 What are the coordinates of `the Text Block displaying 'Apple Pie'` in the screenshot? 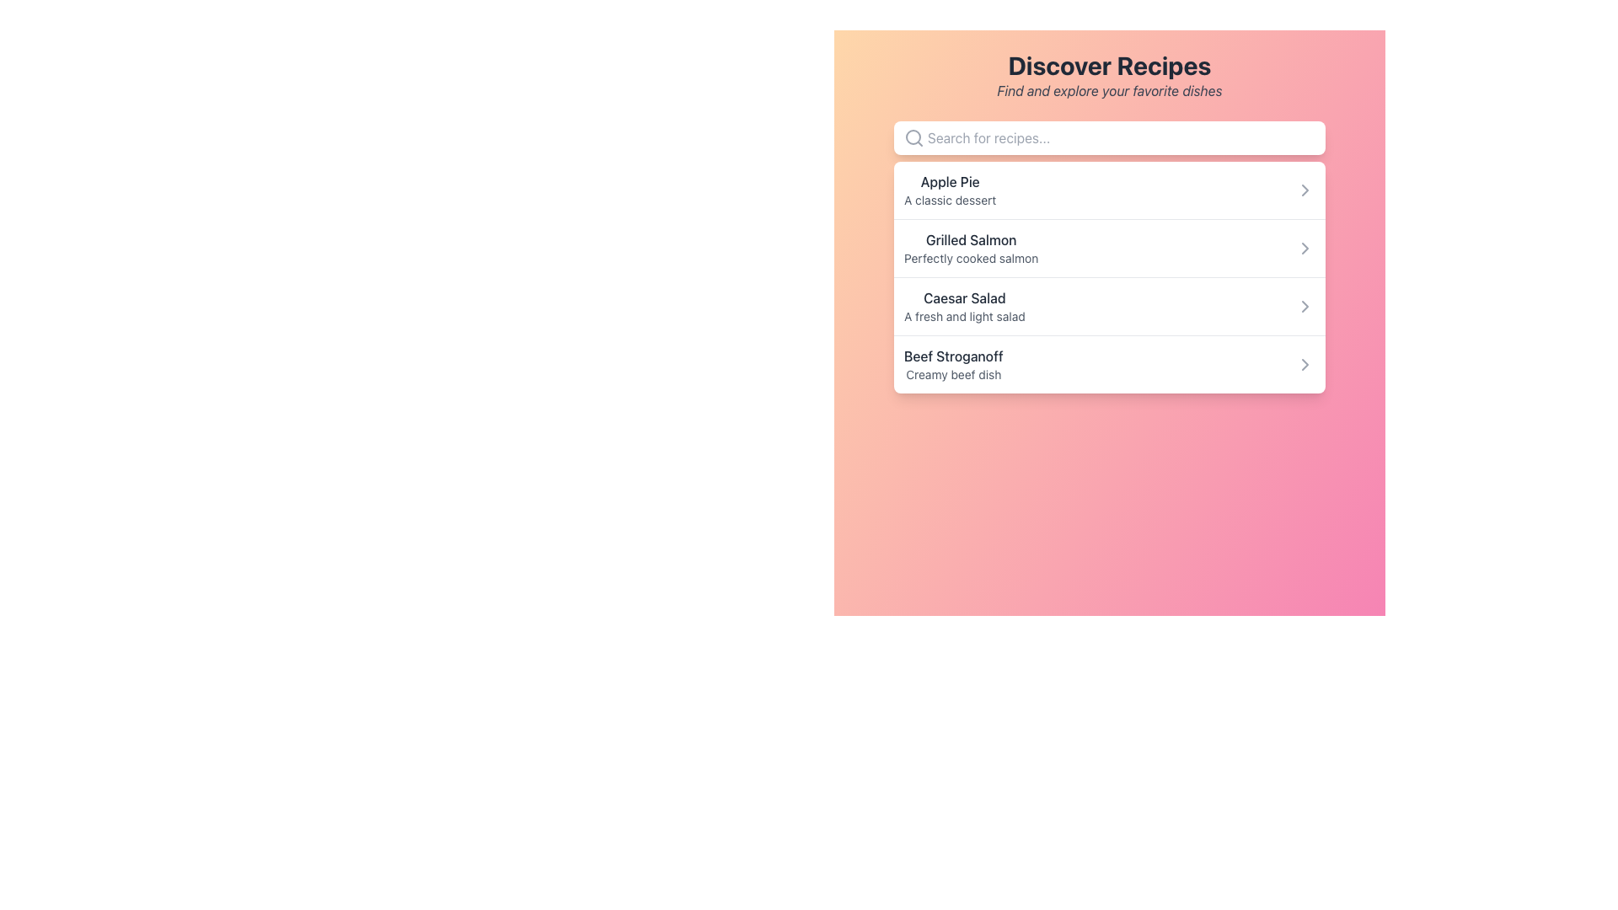 It's located at (950, 190).